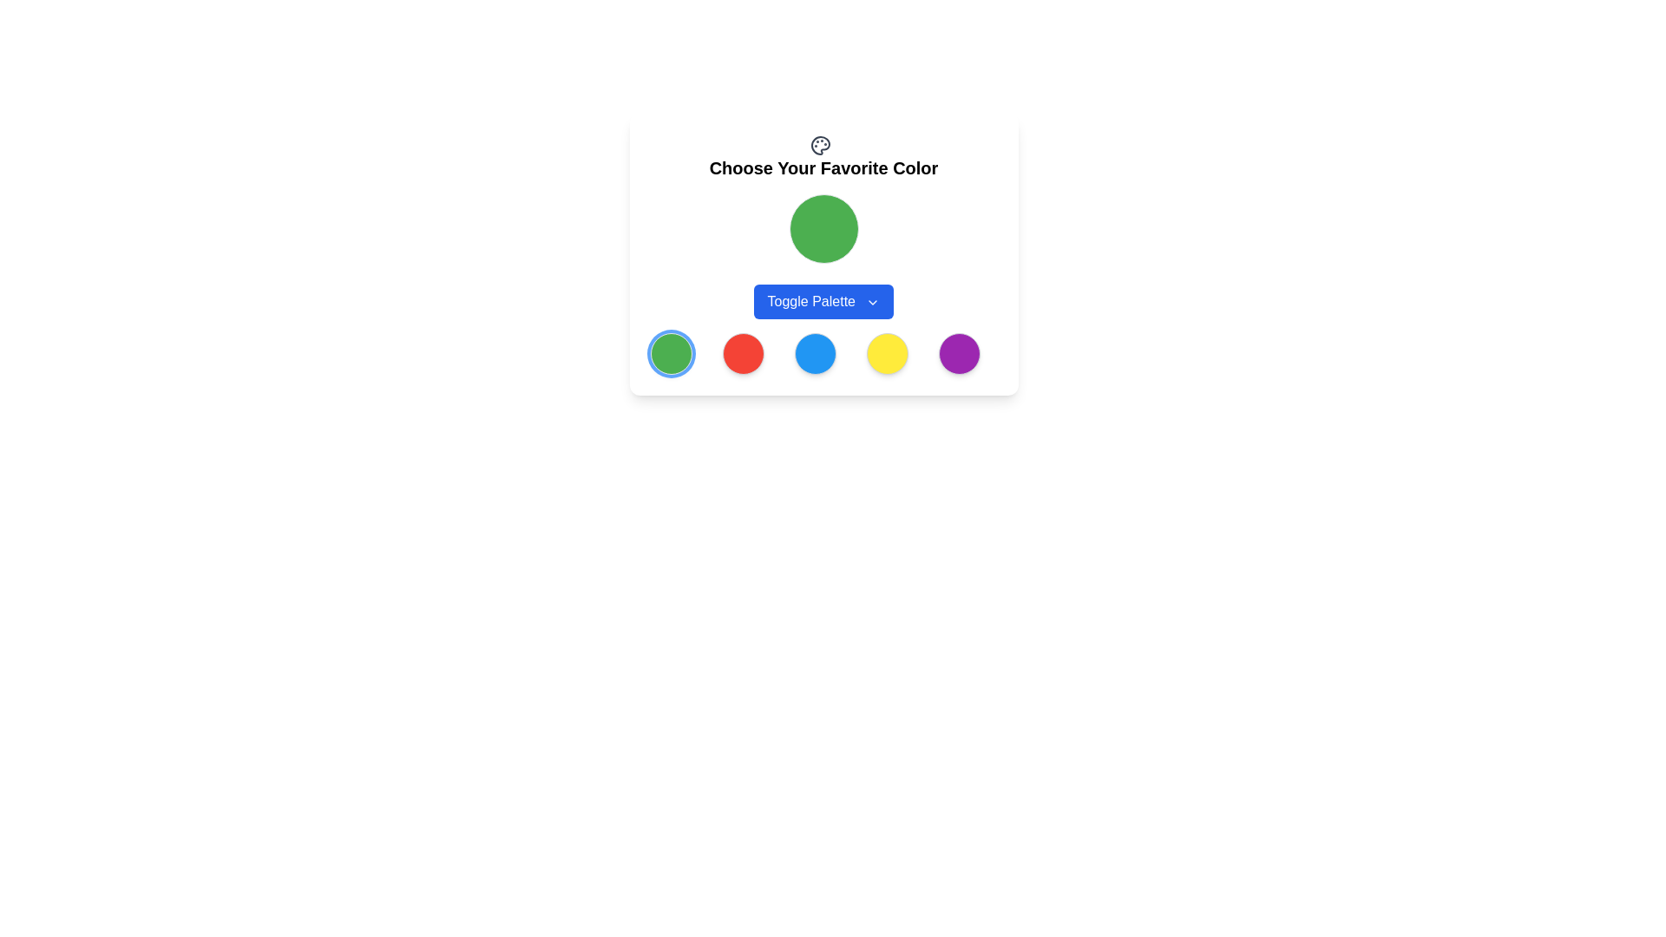 This screenshot has width=1666, height=937. What do you see at coordinates (823, 157) in the screenshot?
I see `the color palette icon located above the 'Choose Your Favorite Color' title for quick navigation` at bounding box center [823, 157].